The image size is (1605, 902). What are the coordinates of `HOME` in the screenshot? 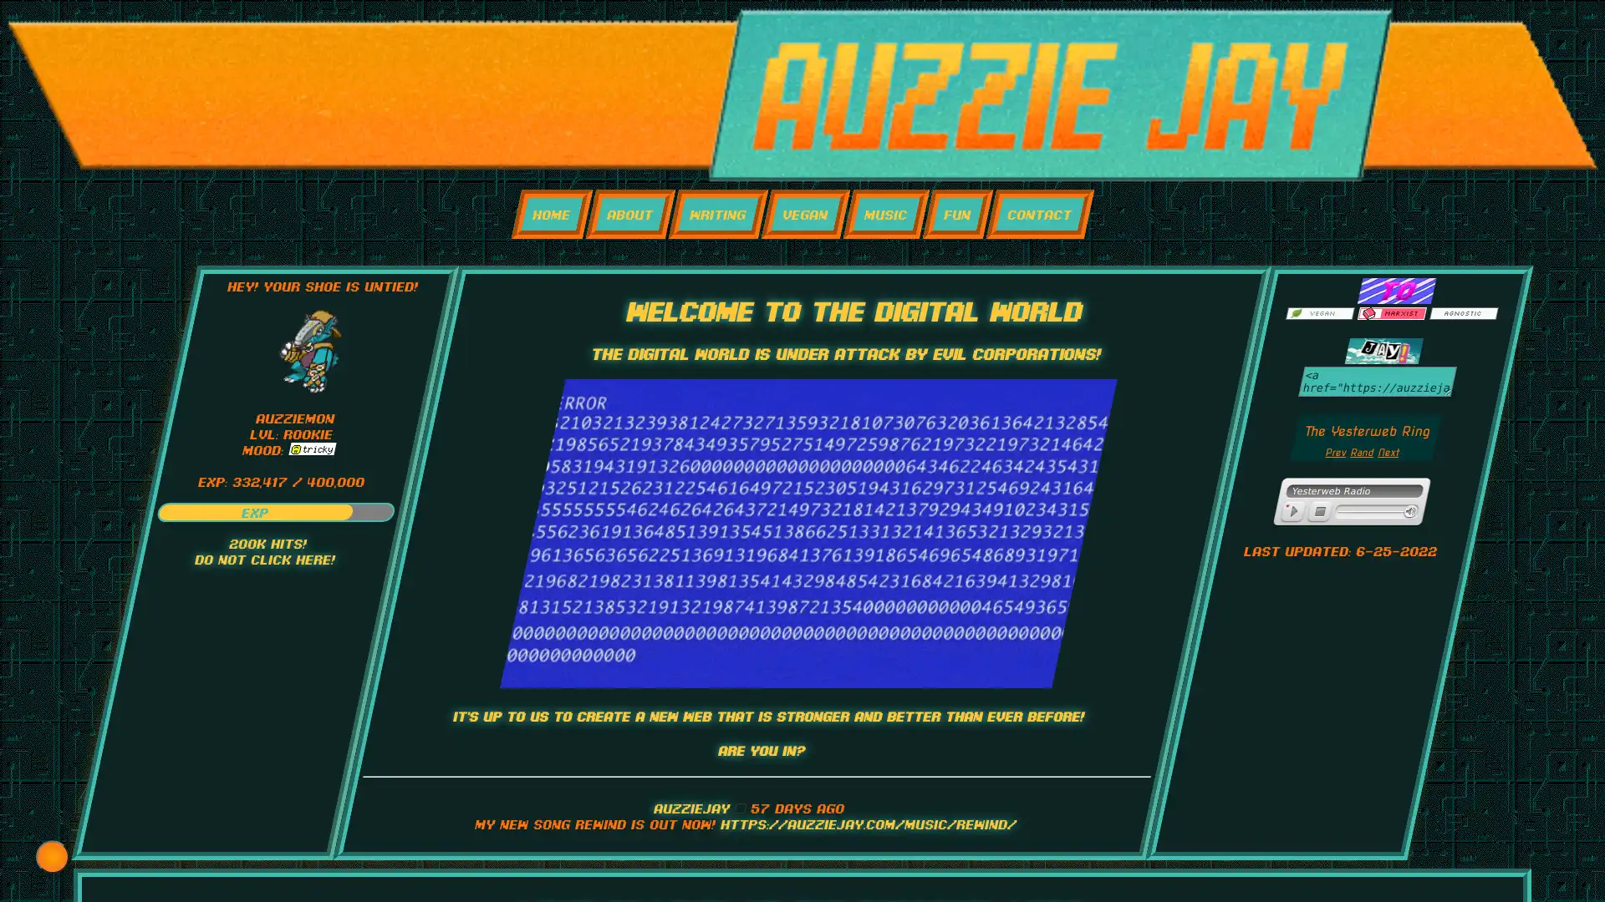 It's located at (551, 213).